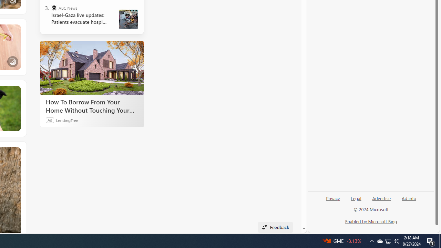 This screenshot has height=248, width=441. Describe the element at coordinates (381, 201) in the screenshot. I see `'Advertise'` at that location.